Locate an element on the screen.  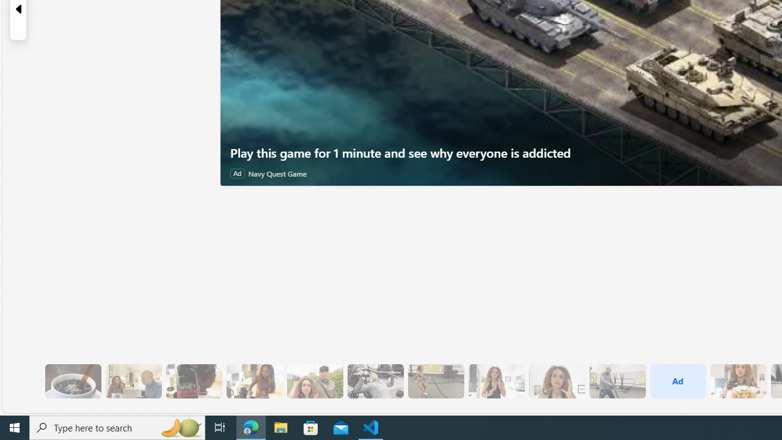
'5 She Eats Less Than Her Husband' is located at coordinates (133, 381).